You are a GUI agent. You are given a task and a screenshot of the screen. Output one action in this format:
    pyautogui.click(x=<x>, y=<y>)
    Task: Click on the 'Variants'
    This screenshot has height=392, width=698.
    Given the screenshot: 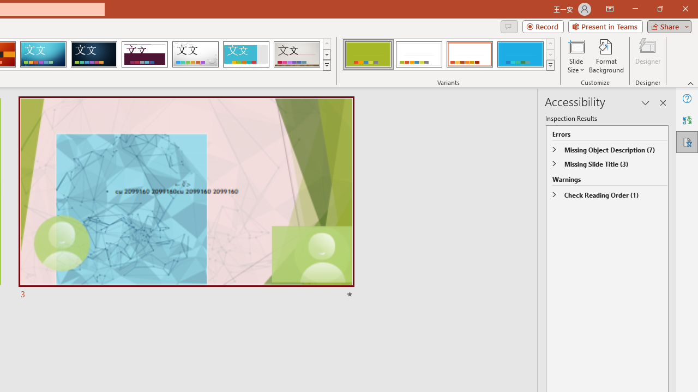 What is the action you would take?
    pyautogui.click(x=550, y=65)
    